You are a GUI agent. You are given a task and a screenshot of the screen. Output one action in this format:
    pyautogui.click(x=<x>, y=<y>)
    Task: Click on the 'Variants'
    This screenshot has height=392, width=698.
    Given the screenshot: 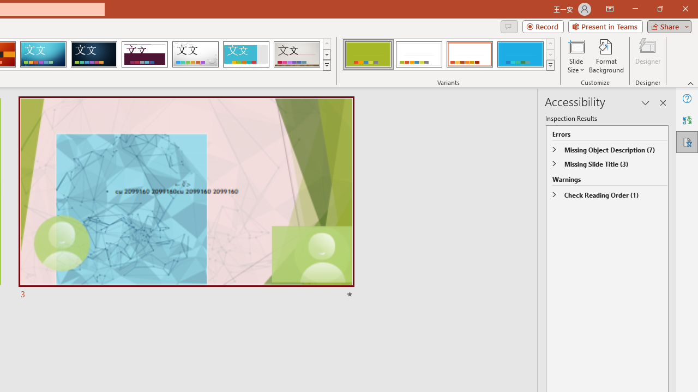 What is the action you would take?
    pyautogui.click(x=550, y=65)
    